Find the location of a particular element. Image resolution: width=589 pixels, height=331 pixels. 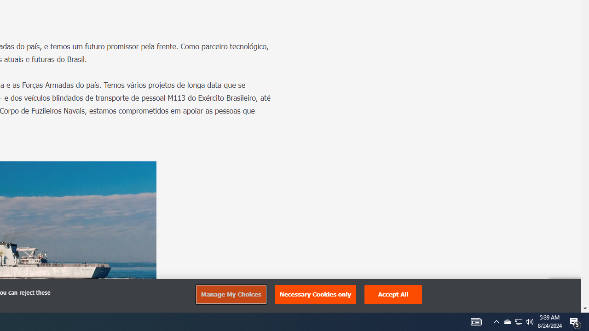

'Necessary Cookies only' is located at coordinates (315, 294).